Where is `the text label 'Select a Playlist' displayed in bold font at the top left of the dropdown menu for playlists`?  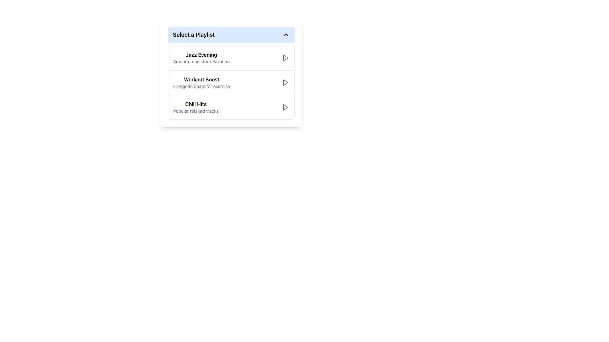
the text label 'Select a Playlist' displayed in bold font at the top left of the dropdown menu for playlists is located at coordinates (193, 35).